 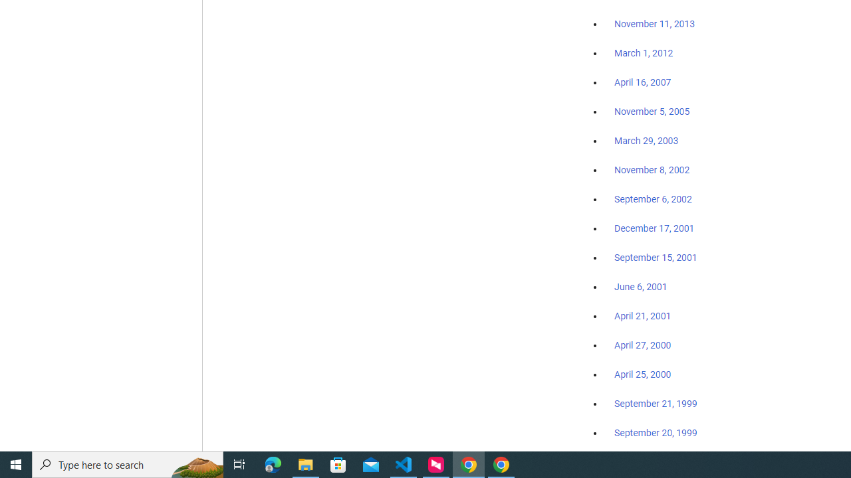 What do you see at coordinates (643, 82) in the screenshot?
I see `'April 16, 2007'` at bounding box center [643, 82].